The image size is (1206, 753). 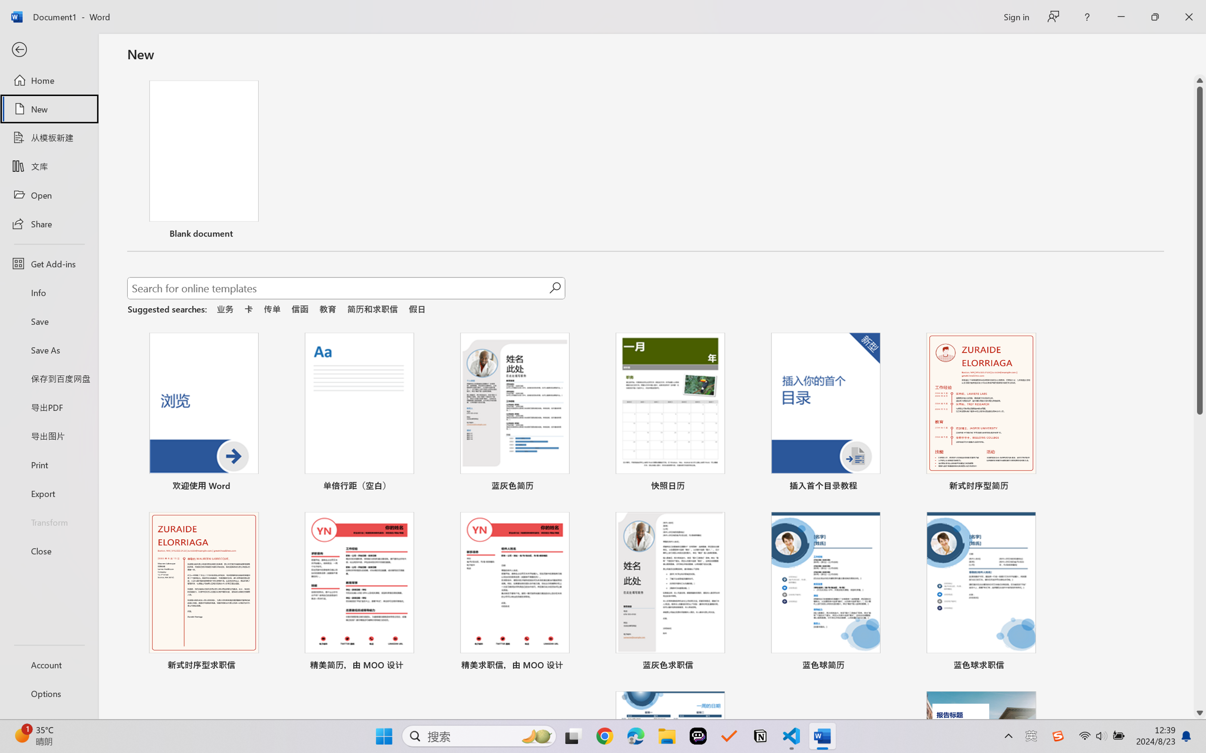 I want to click on 'Info', so click(x=48, y=292).